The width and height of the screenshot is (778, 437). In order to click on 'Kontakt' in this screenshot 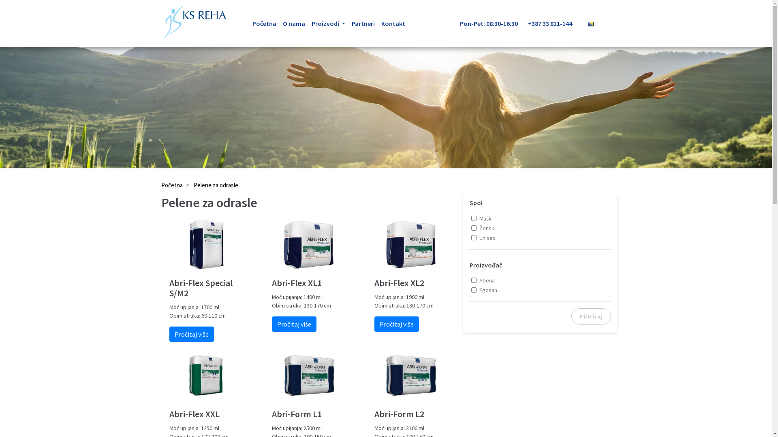, I will do `click(393, 23)`.